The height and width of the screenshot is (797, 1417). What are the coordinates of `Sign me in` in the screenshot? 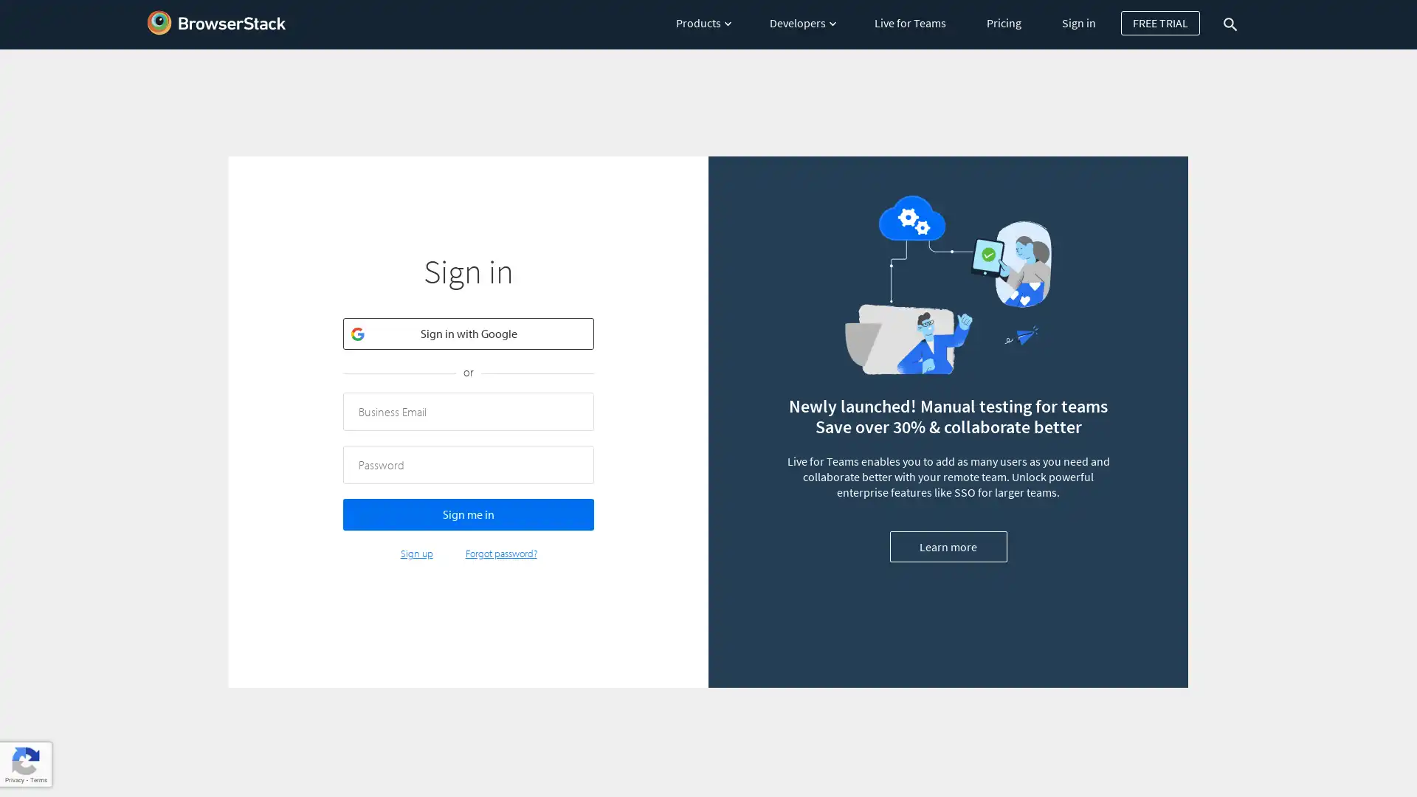 It's located at (467, 513).